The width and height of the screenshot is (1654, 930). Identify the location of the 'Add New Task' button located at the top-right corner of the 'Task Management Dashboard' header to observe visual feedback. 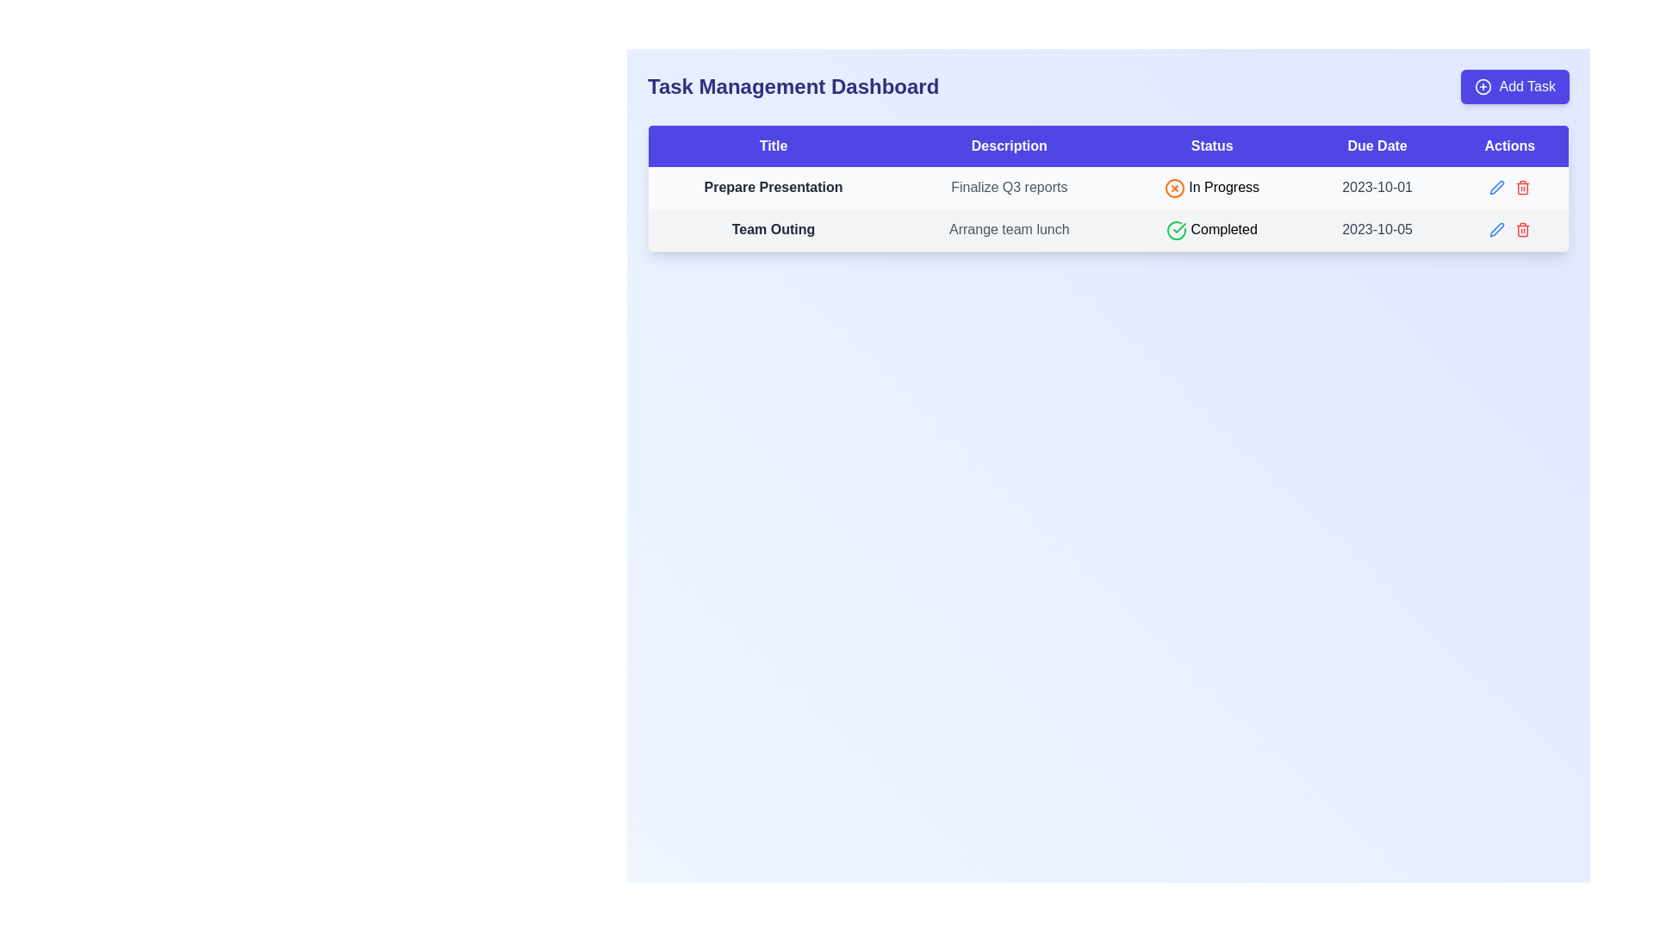
(1514, 86).